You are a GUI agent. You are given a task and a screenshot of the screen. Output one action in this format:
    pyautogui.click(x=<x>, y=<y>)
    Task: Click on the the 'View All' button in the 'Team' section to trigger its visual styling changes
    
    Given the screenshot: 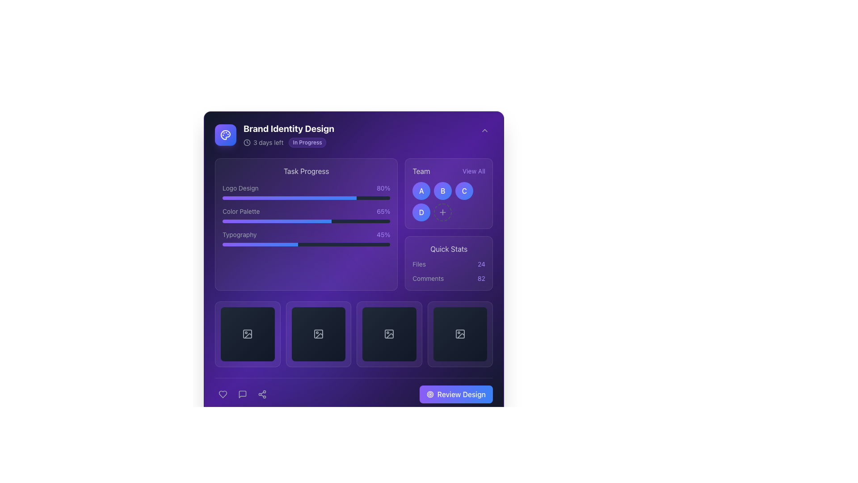 What is the action you would take?
    pyautogui.click(x=473, y=171)
    